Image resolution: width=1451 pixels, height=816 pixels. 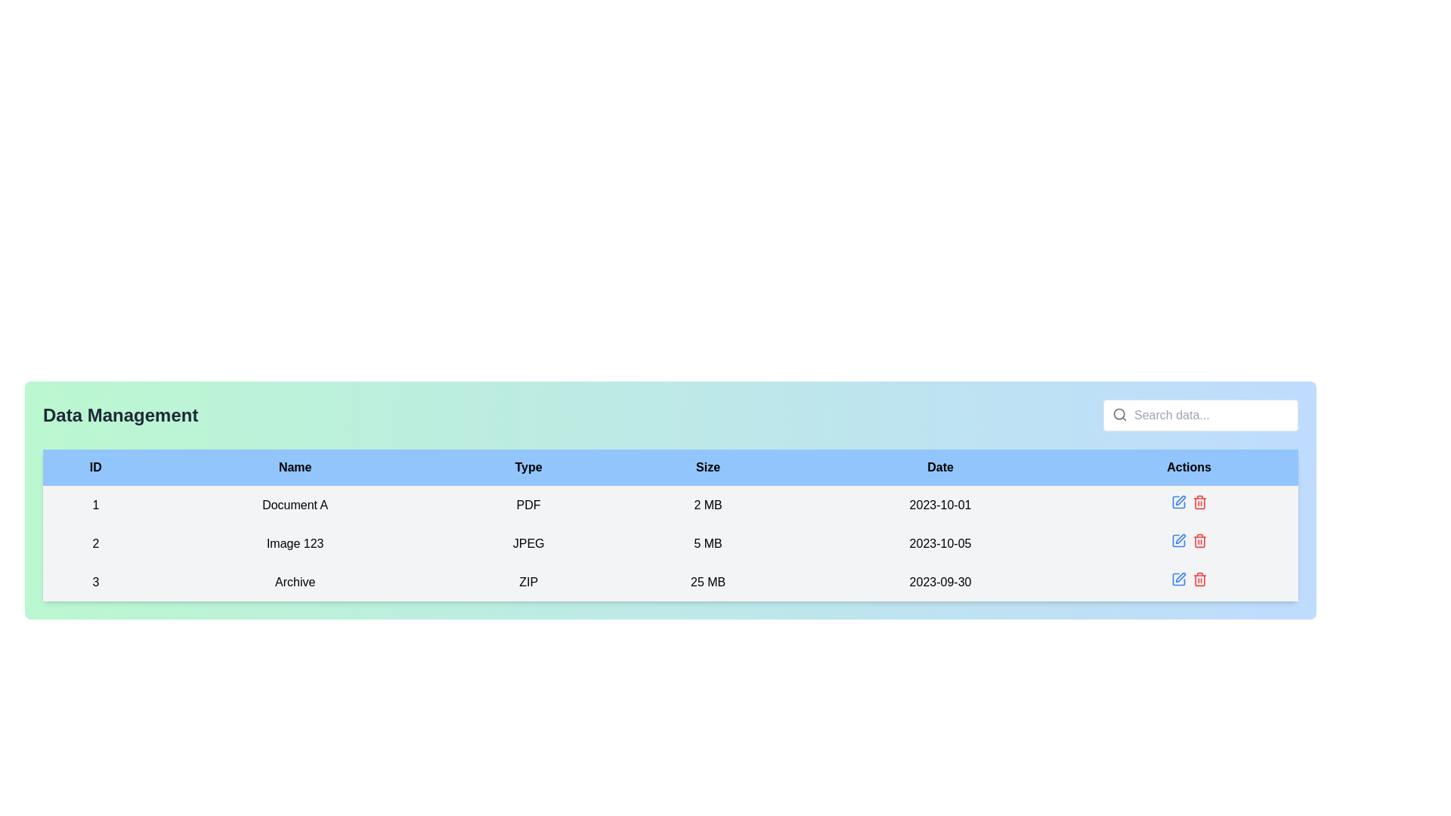 What do you see at coordinates (670, 581) in the screenshot?
I see `the third row of the table that contains the columns '3', 'Archive', 'ZIP', '25 MB', and '2023-09-30' for more options` at bounding box center [670, 581].